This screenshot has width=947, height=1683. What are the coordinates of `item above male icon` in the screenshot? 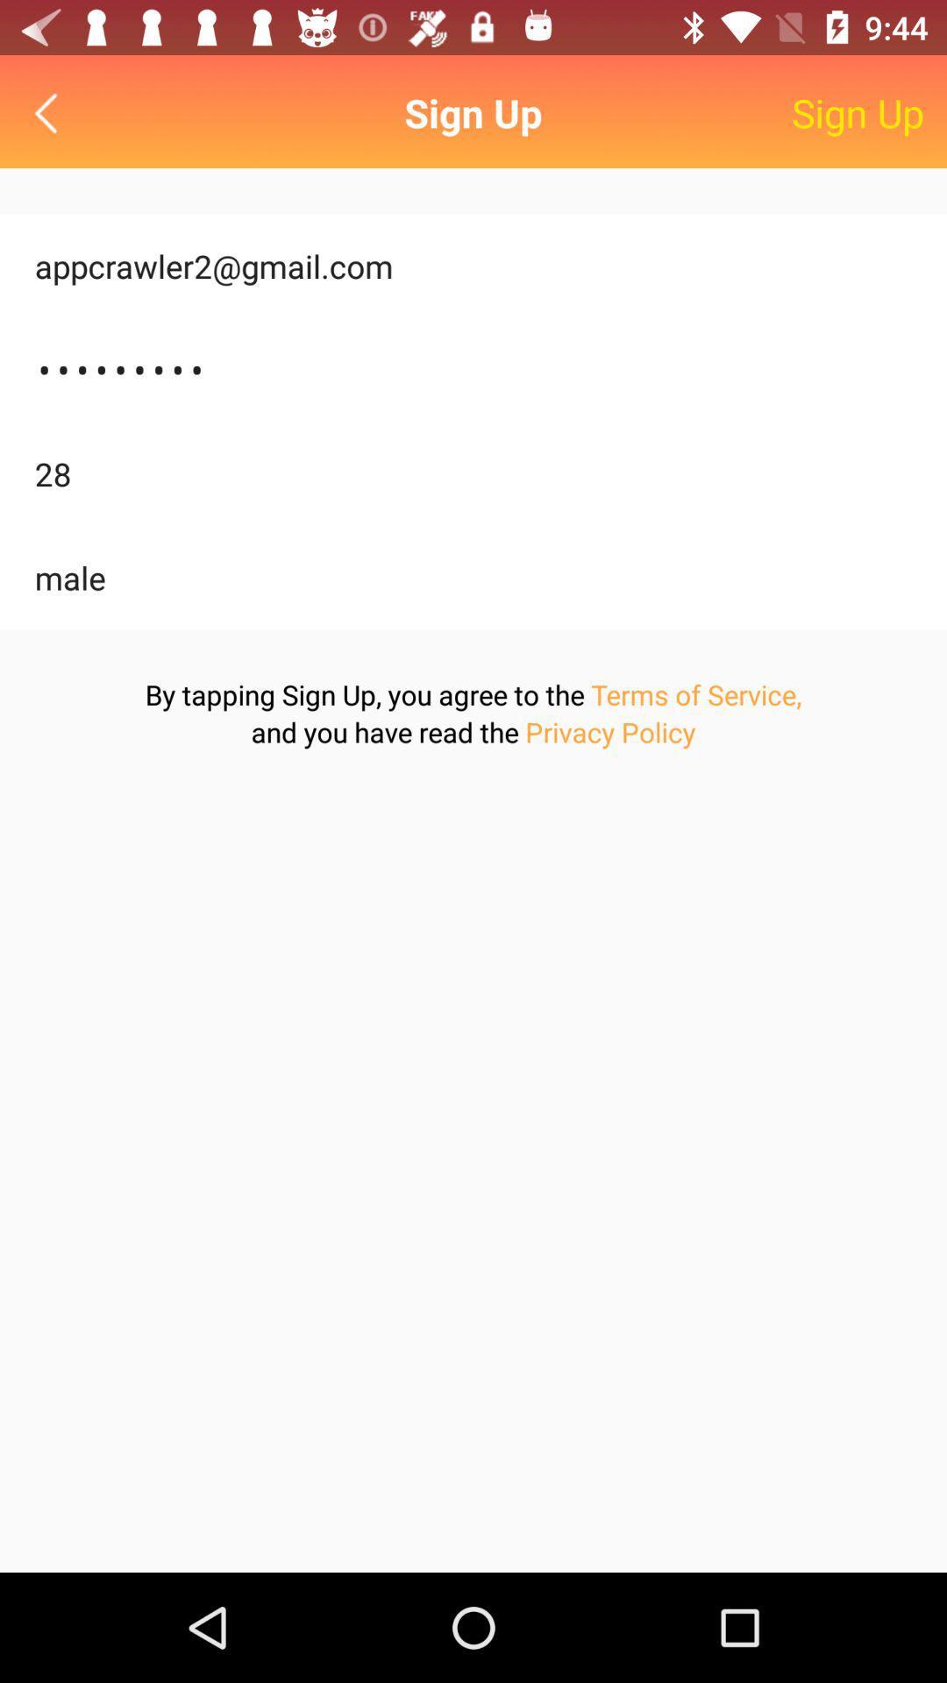 It's located at (473, 473).